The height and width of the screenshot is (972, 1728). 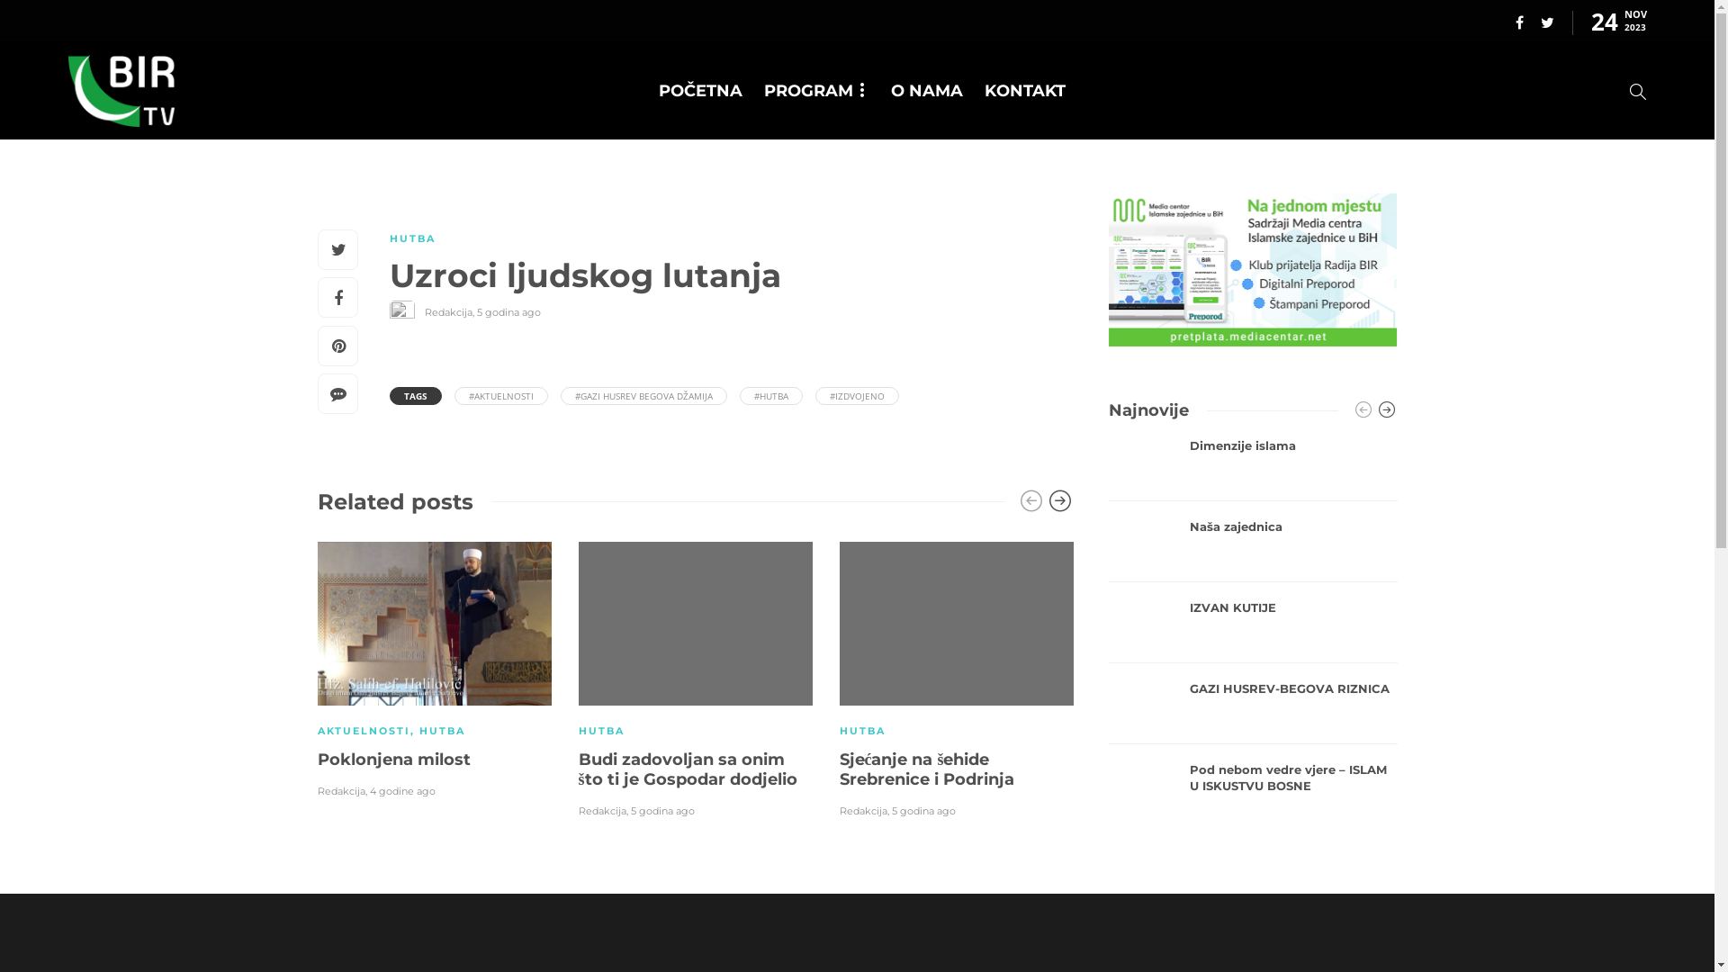 What do you see at coordinates (413, 394) in the screenshot?
I see `'TAGS'` at bounding box center [413, 394].